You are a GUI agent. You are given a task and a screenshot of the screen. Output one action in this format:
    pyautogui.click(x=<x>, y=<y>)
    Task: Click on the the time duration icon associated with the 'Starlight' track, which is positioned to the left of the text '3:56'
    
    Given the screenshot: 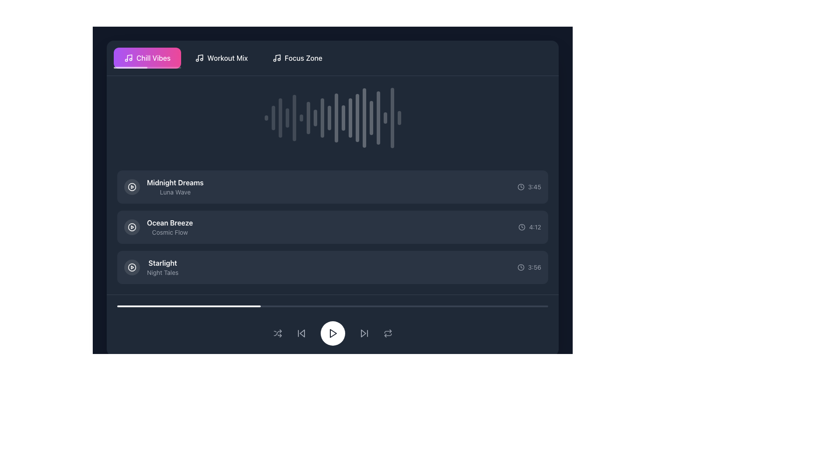 What is the action you would take?
    pyautogui.click(x=521, y=267)
    